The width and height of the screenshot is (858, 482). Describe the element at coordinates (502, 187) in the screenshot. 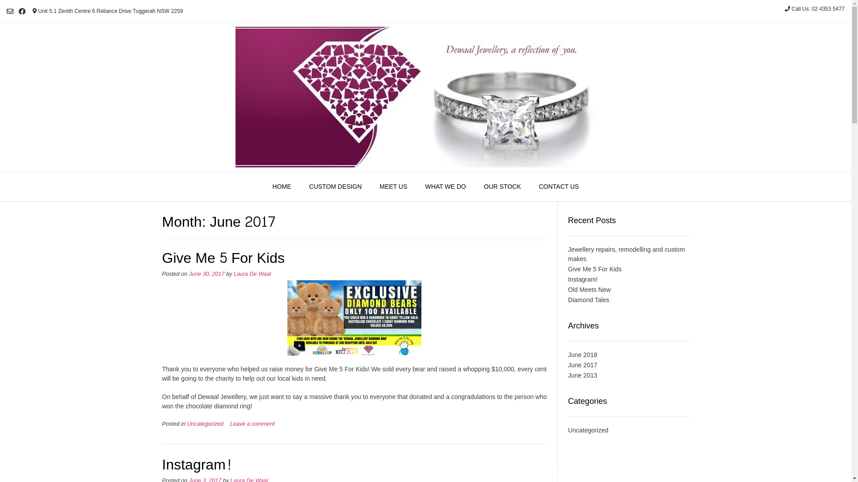

I see `'OUR STOCK'` at that location.